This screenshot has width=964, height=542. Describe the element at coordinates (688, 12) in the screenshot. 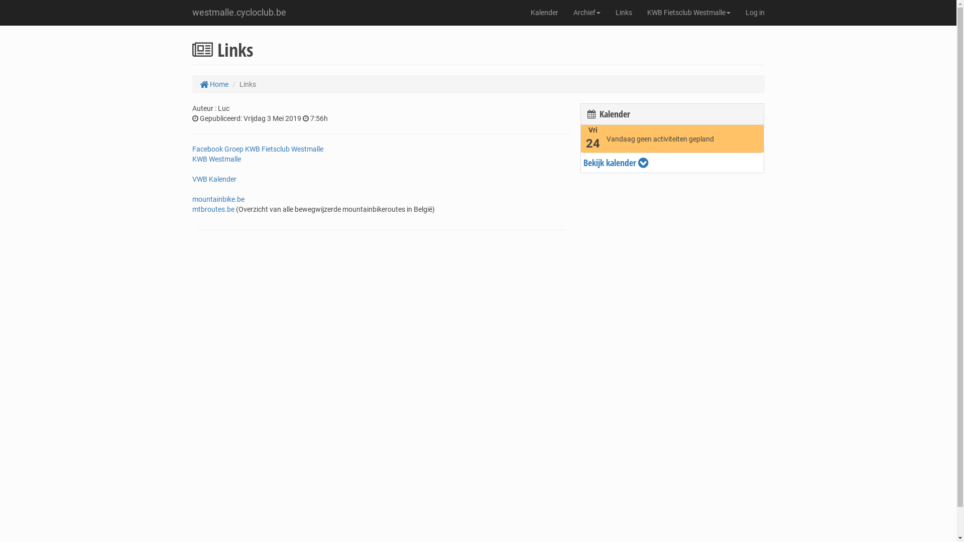

I see `'KWB Fietsclub Westmalle'` at that location.